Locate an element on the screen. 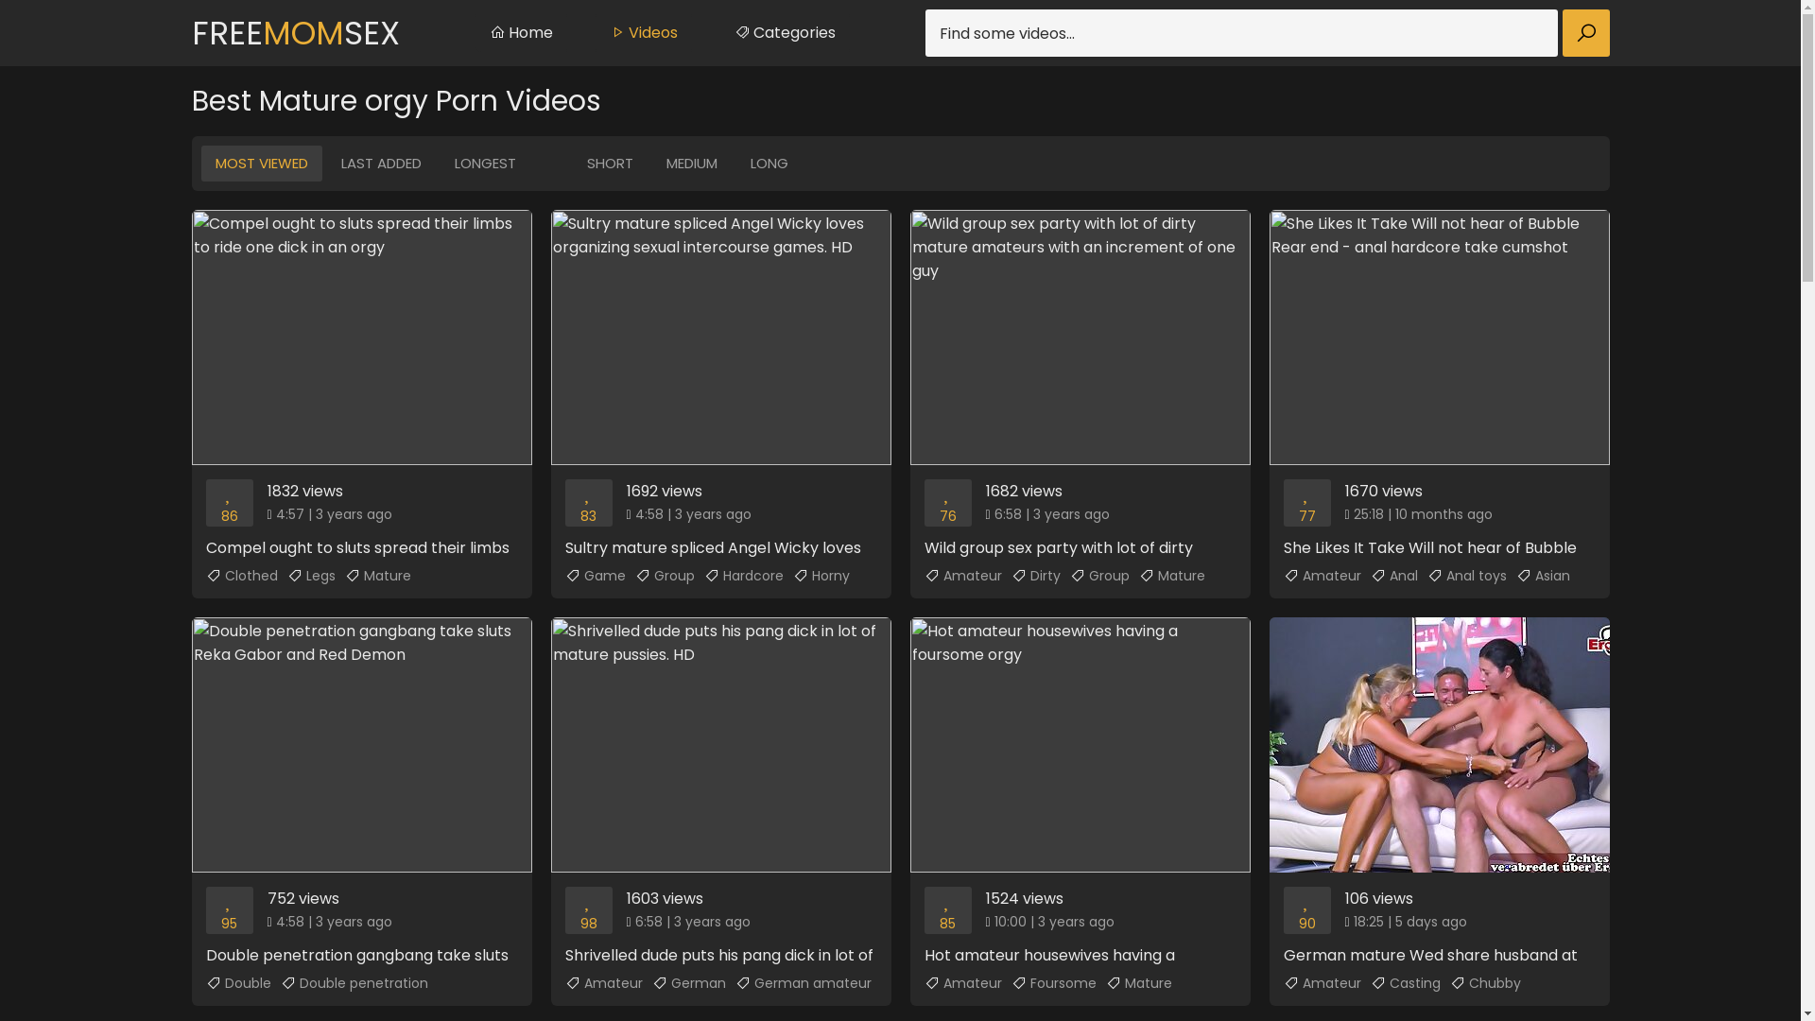  'Group' is located at coordinates (665, 575).